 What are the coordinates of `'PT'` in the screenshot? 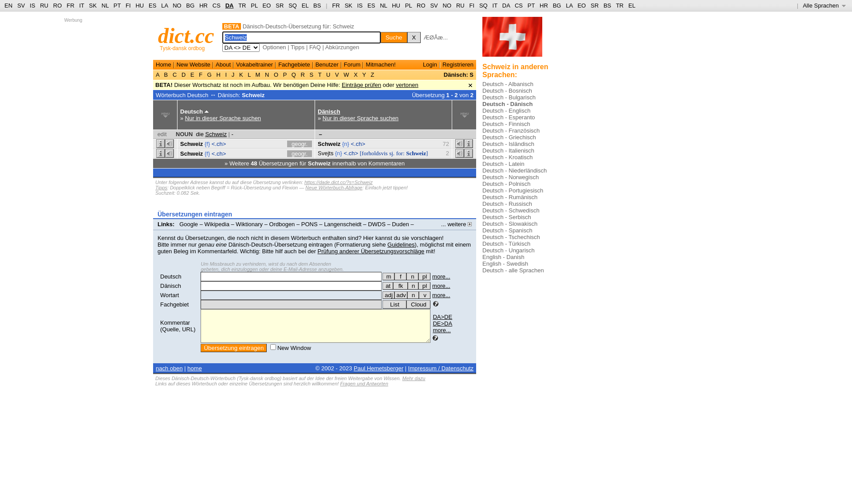 It's located at (117, 5).